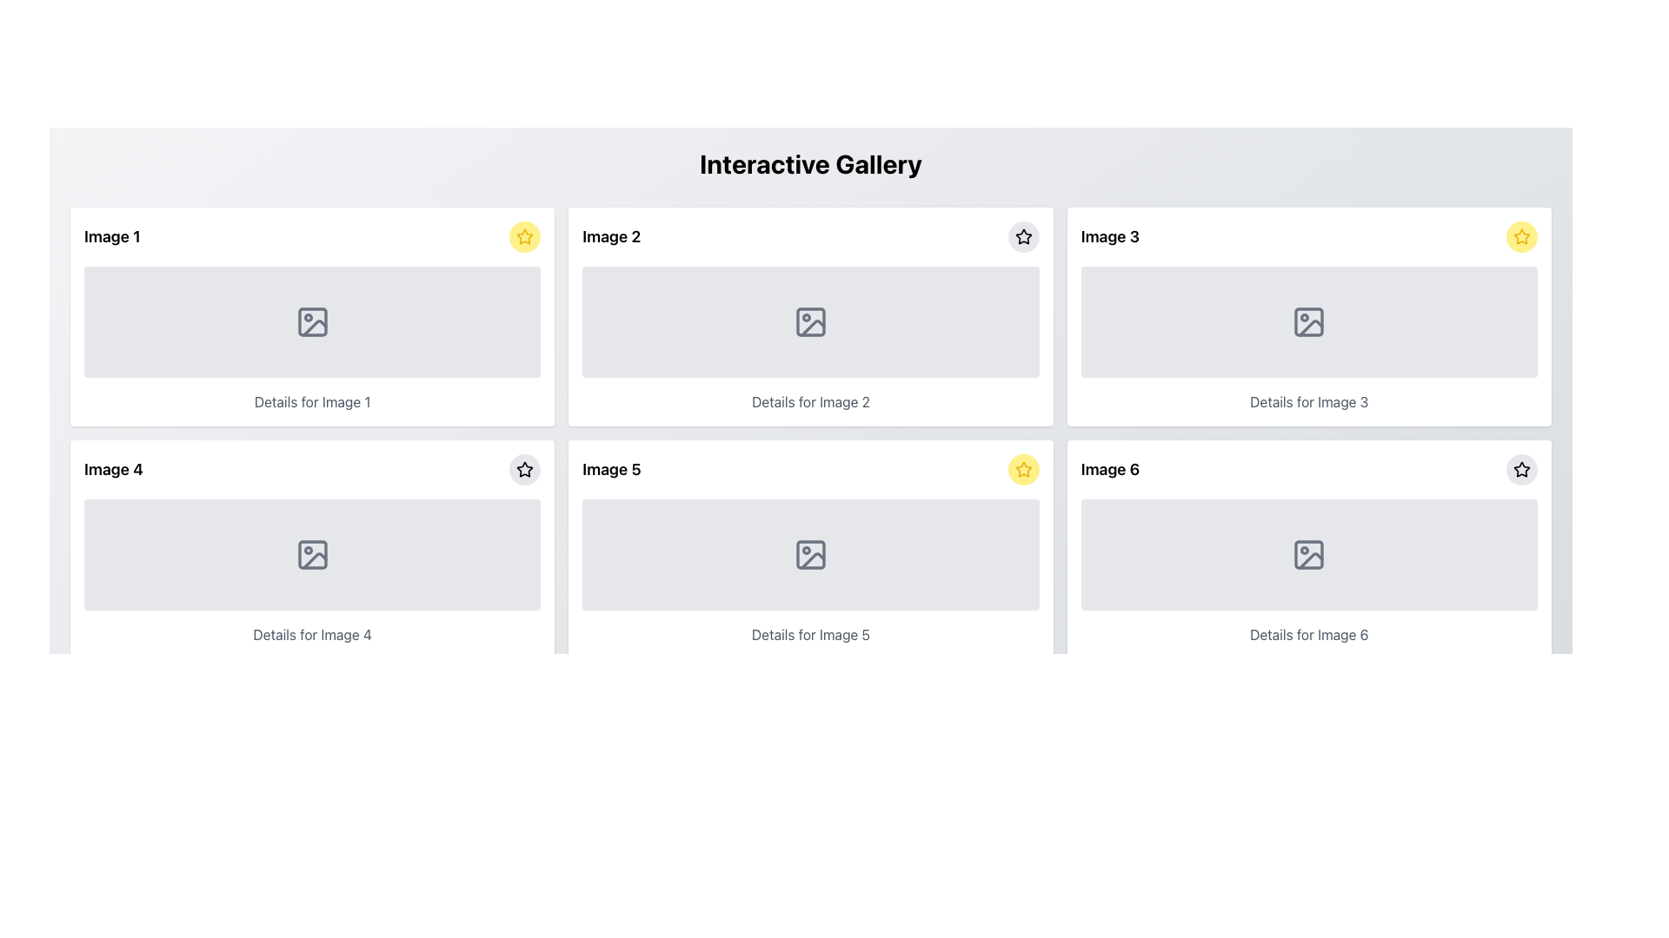 The image size is (1669, 938). What do you see at coordinates (1309, 321) in the screenshot?
I see `the central placeholder icon located in the first row, third column of the interactive gallery to interact with it` at bounding box center [1309, 321].